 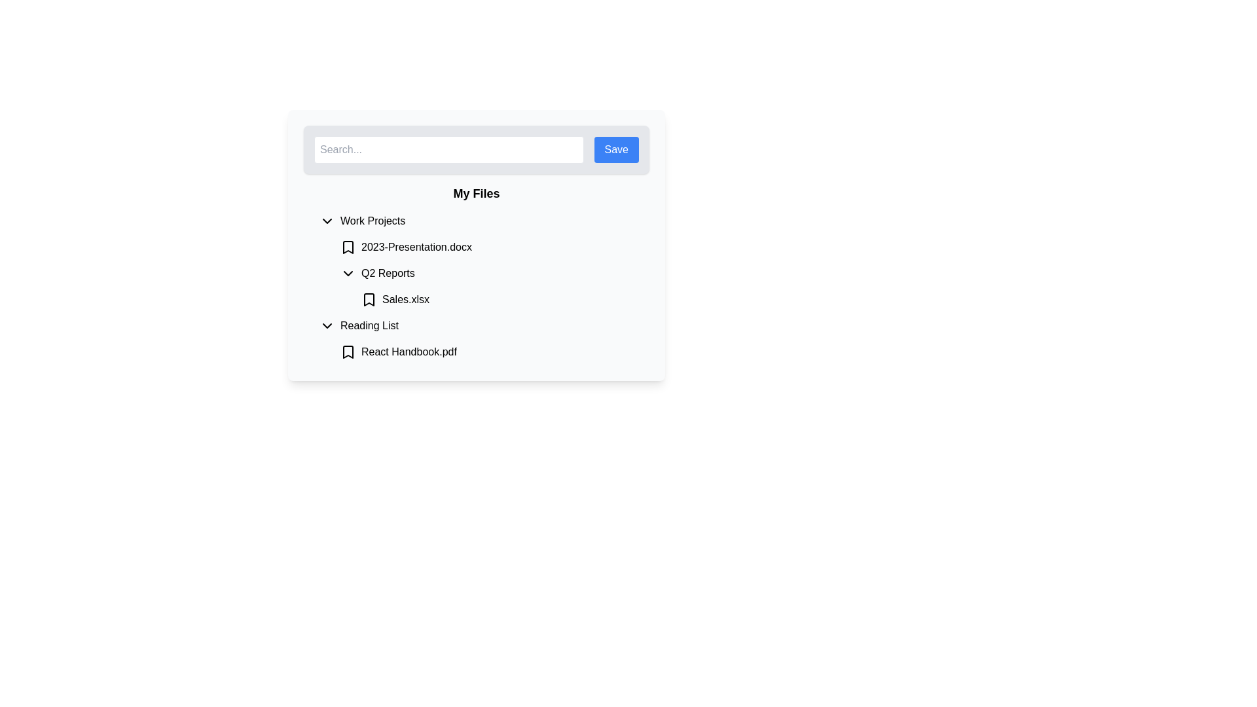 What do you see at coordinates (387, 272) in the screenshot?
I see `the 'Q2 Reports' text label located within the 'Work Projects' dropdown menu` at bounding box center [387, 272].